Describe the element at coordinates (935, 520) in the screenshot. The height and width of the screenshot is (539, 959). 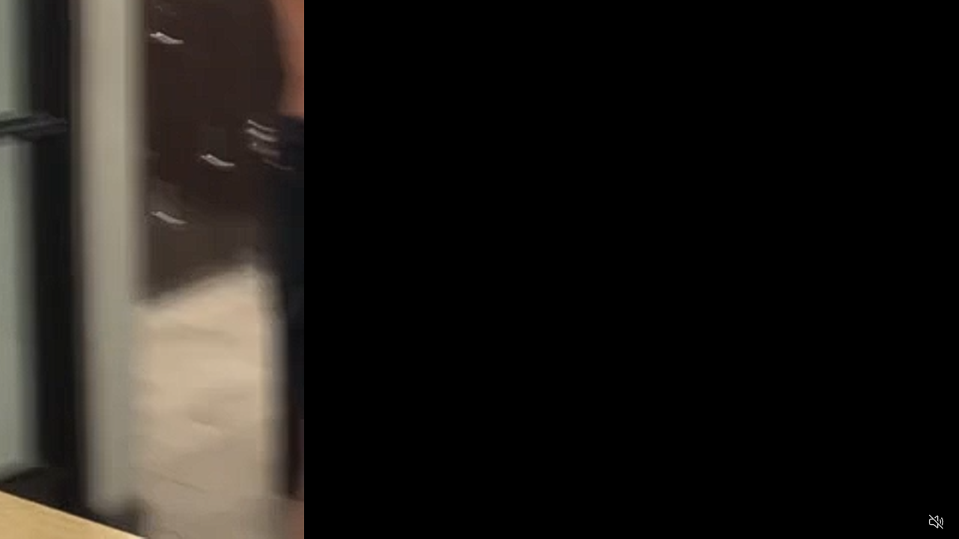
I see `'Unmute'` at that location.